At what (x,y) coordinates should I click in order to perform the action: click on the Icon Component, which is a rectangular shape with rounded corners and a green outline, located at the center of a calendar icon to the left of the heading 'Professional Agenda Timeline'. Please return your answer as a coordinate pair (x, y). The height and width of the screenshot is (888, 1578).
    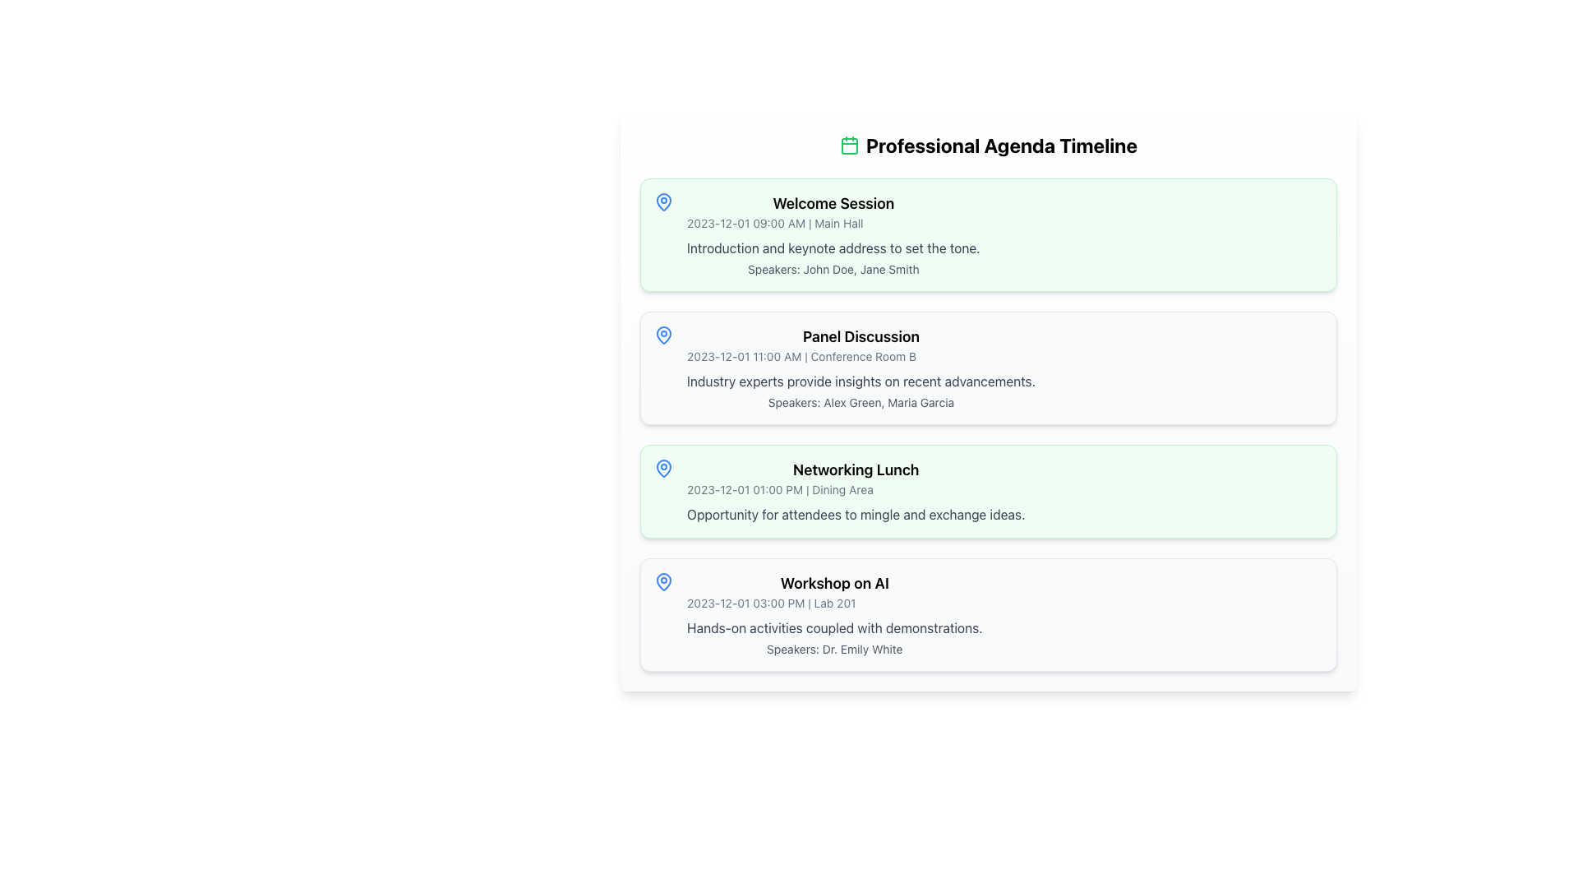
    Looking at the image, I should click on (849, 145).